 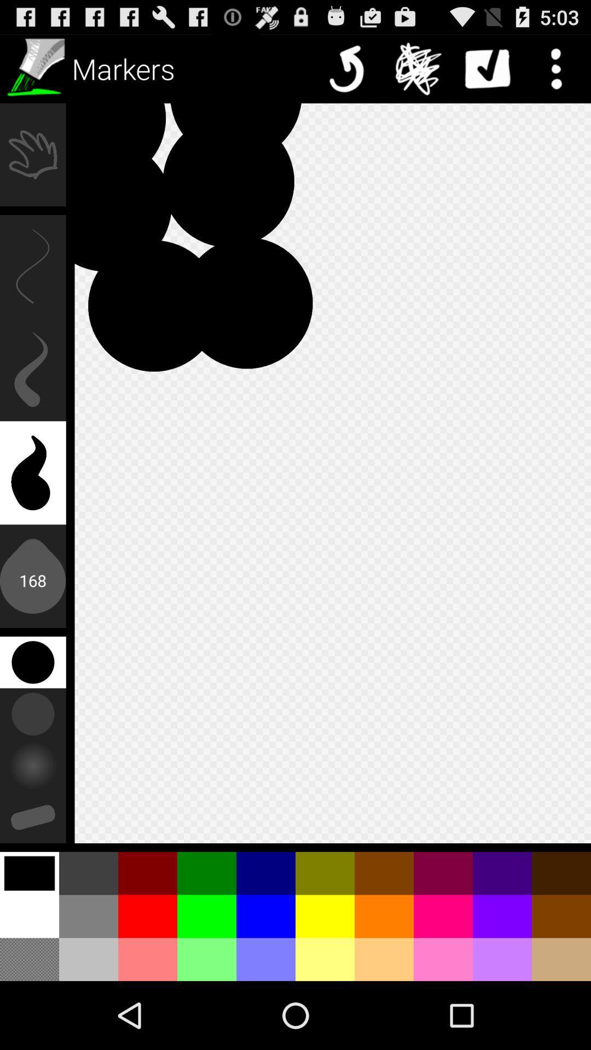 I want to click on the 4th color from the left in the last row at the bottom of the page, so click(x=207, y=959).